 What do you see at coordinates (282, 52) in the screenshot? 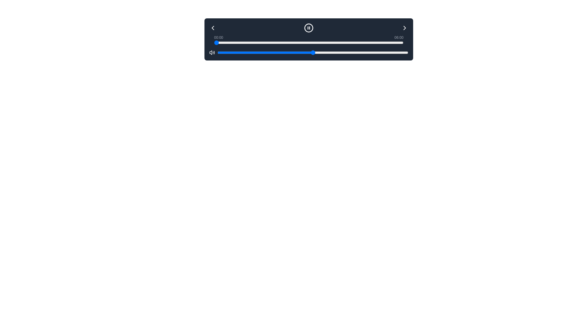
I see `volume` at bounding box center [282, 52].